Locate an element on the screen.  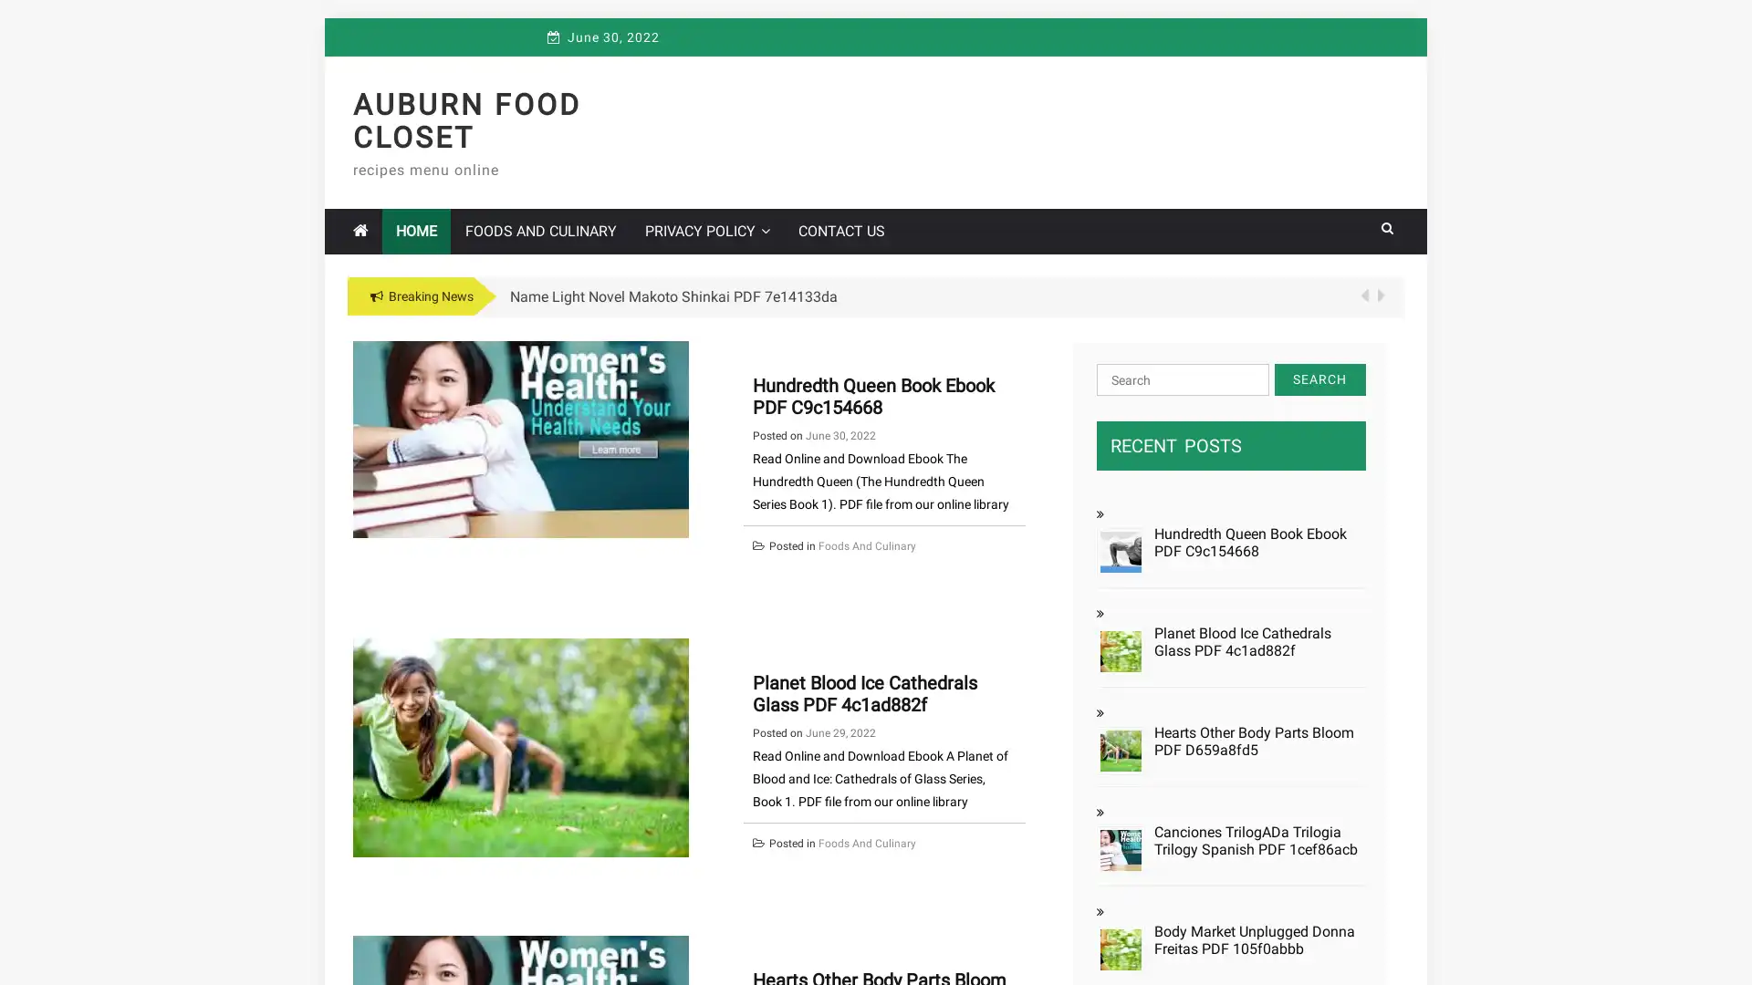
Search is located at coordinates (1319, 378).